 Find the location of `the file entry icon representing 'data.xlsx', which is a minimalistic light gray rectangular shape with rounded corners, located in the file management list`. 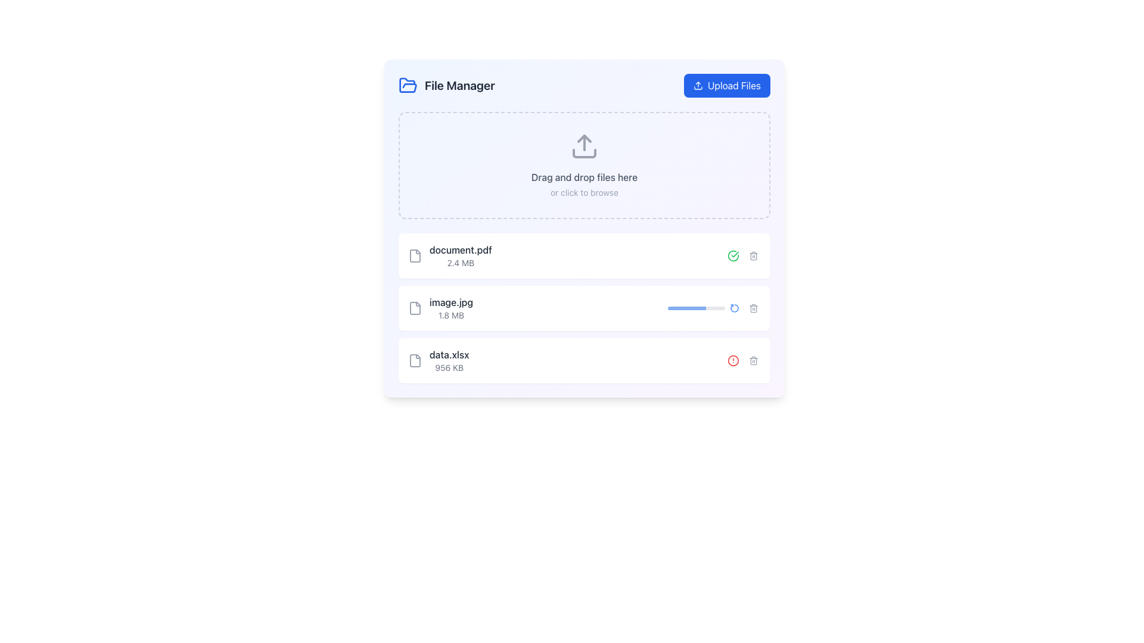

the file entry icon representing 'data.xlsx', which is a minimalistic light gray rectangular shape with rounded corners, located in the file management list is located at coordinates (415, 360).